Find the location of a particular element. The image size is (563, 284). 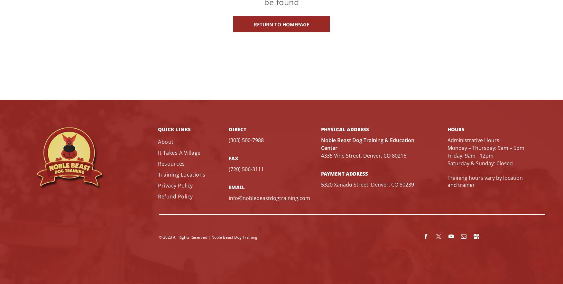

'direct' is located at coordinates (237, 128).